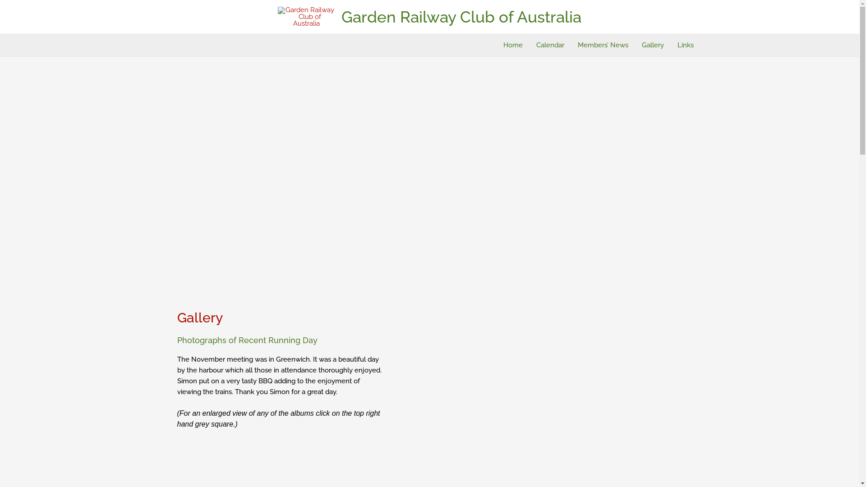 This screenshot has height=487, width=866. What do you see at coordinates (341, 16) in the screenshot?
I see `'Garden Railway Club of Australia'` at bounding box center [341, 16].